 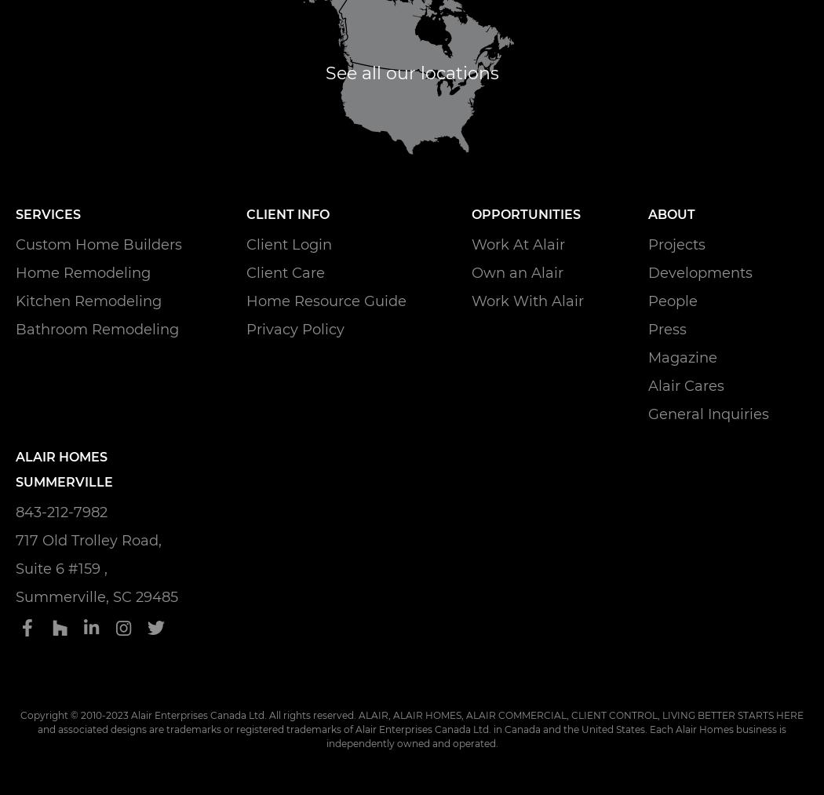 What do you see at coordinates (646, 212) in the screenshot?
I see `'About'` at bounding box center [646, 212].